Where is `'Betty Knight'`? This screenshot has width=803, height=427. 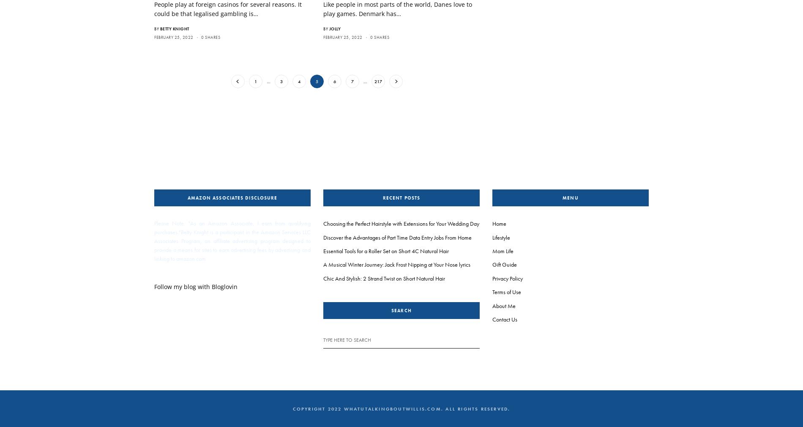
'Betty Knight' is located at coordinates (159, 28).